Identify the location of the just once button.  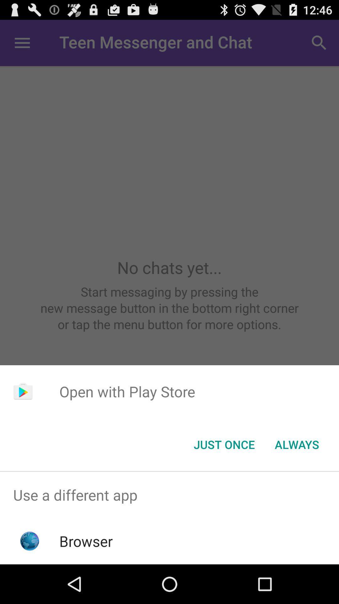
(224, 444).